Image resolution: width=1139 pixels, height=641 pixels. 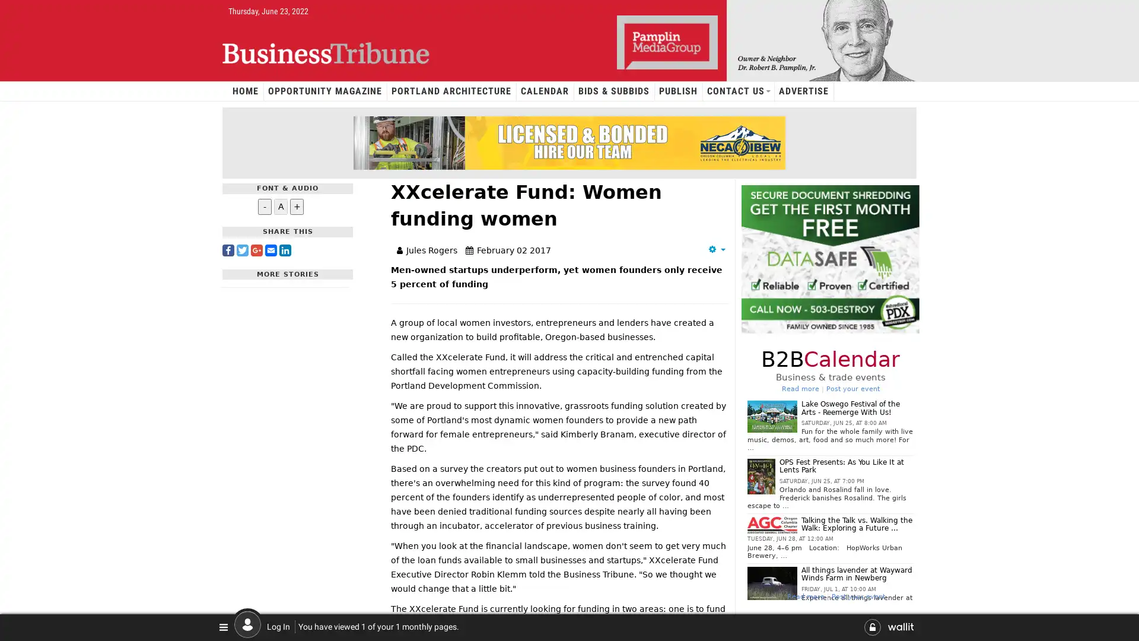 I want to click on +, so click(x=297, y=205).